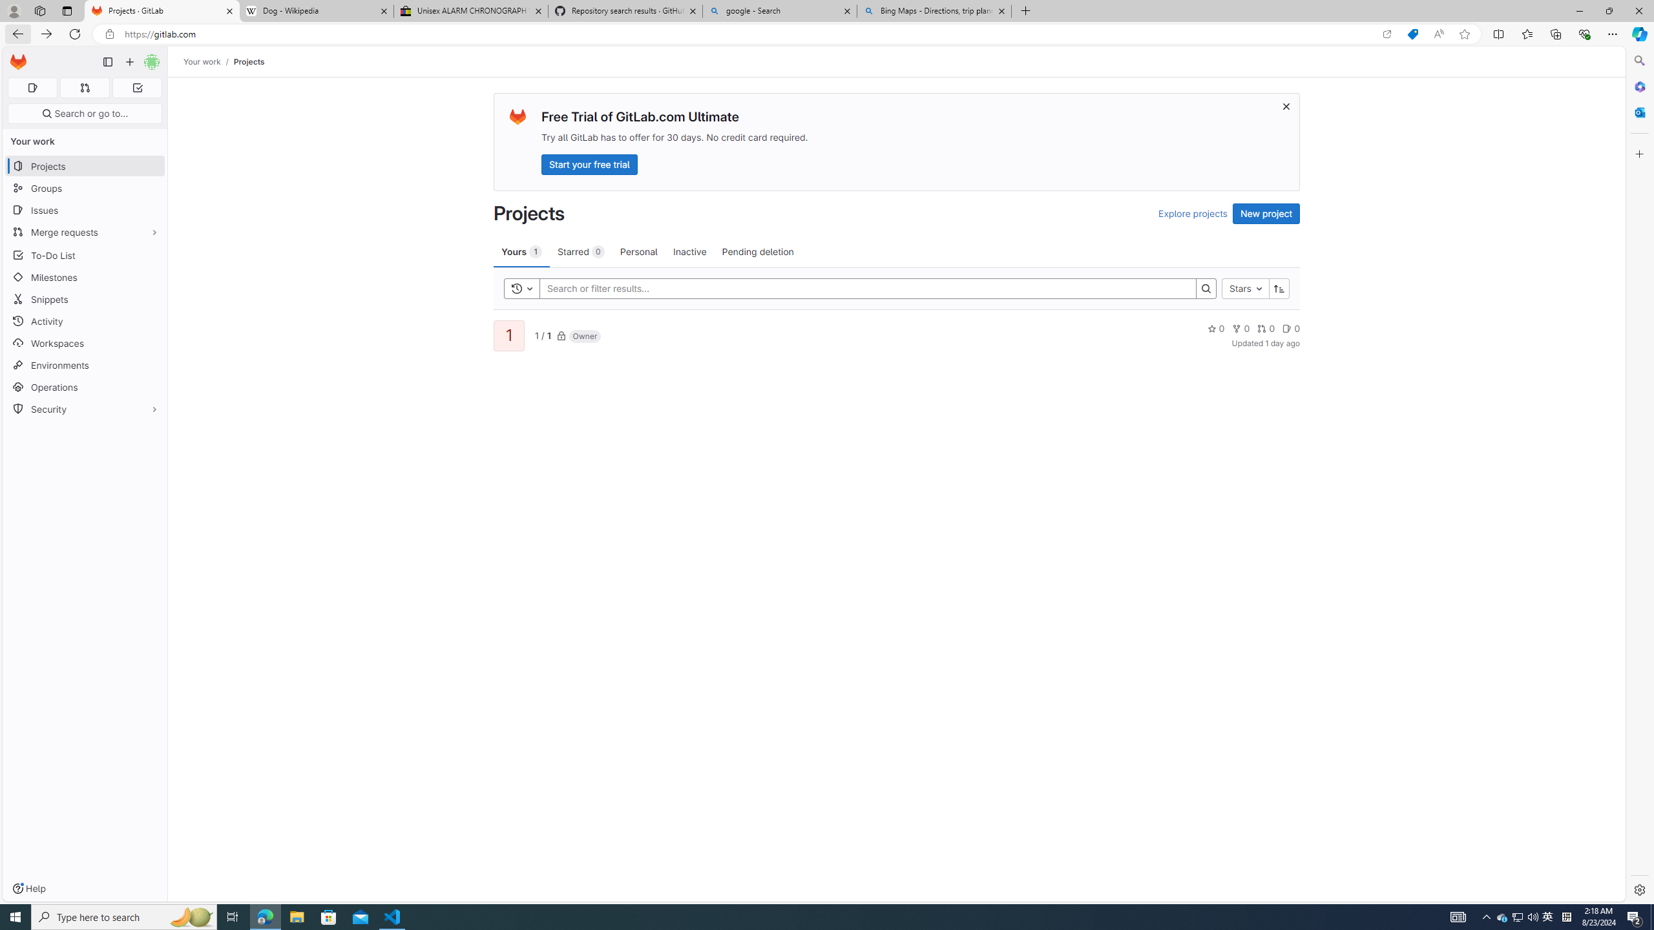 Image resolution: width=1654 pixels, height=930 pixels. I want to click on 'Pending deletion', so click(758, 251).